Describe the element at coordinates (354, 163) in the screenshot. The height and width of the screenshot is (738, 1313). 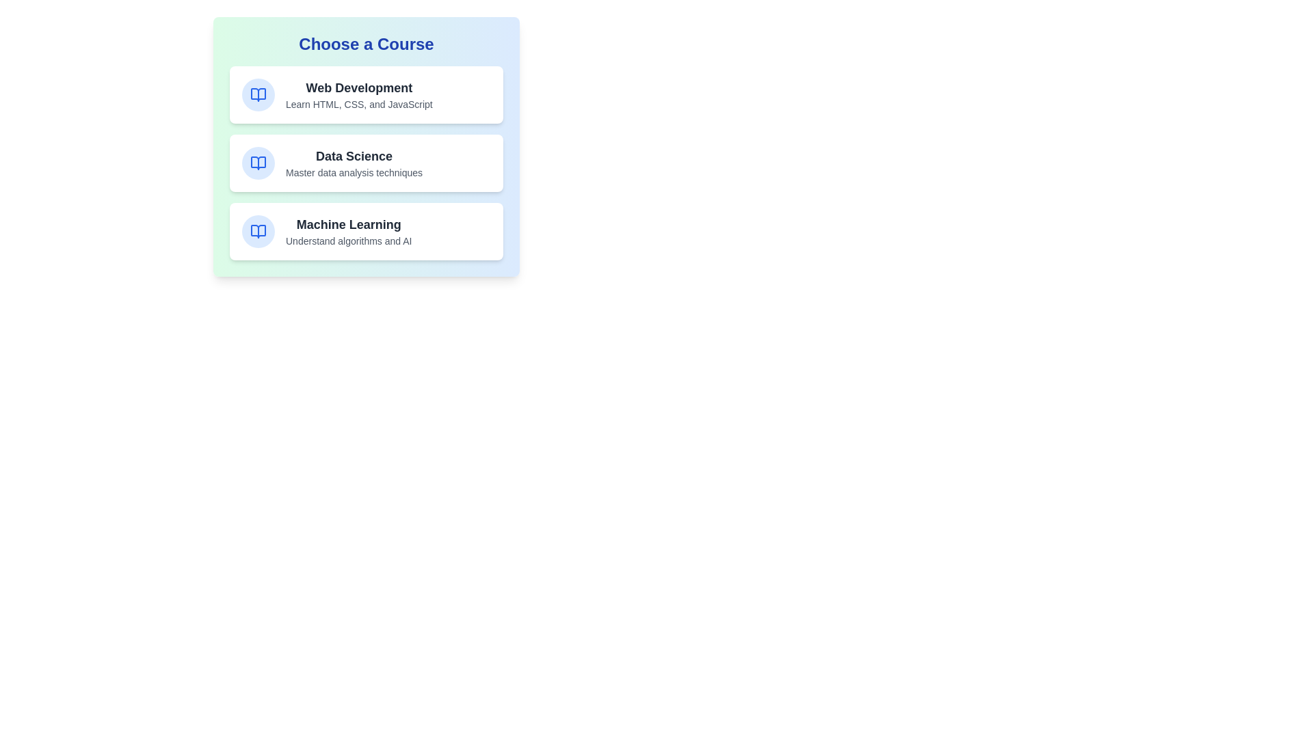
I see `the Text Block that provides a title and brief description for the 'Data Science' course, located in the second card of a vertical list between 'Web Development' and 'Machine Learning'` at that location.